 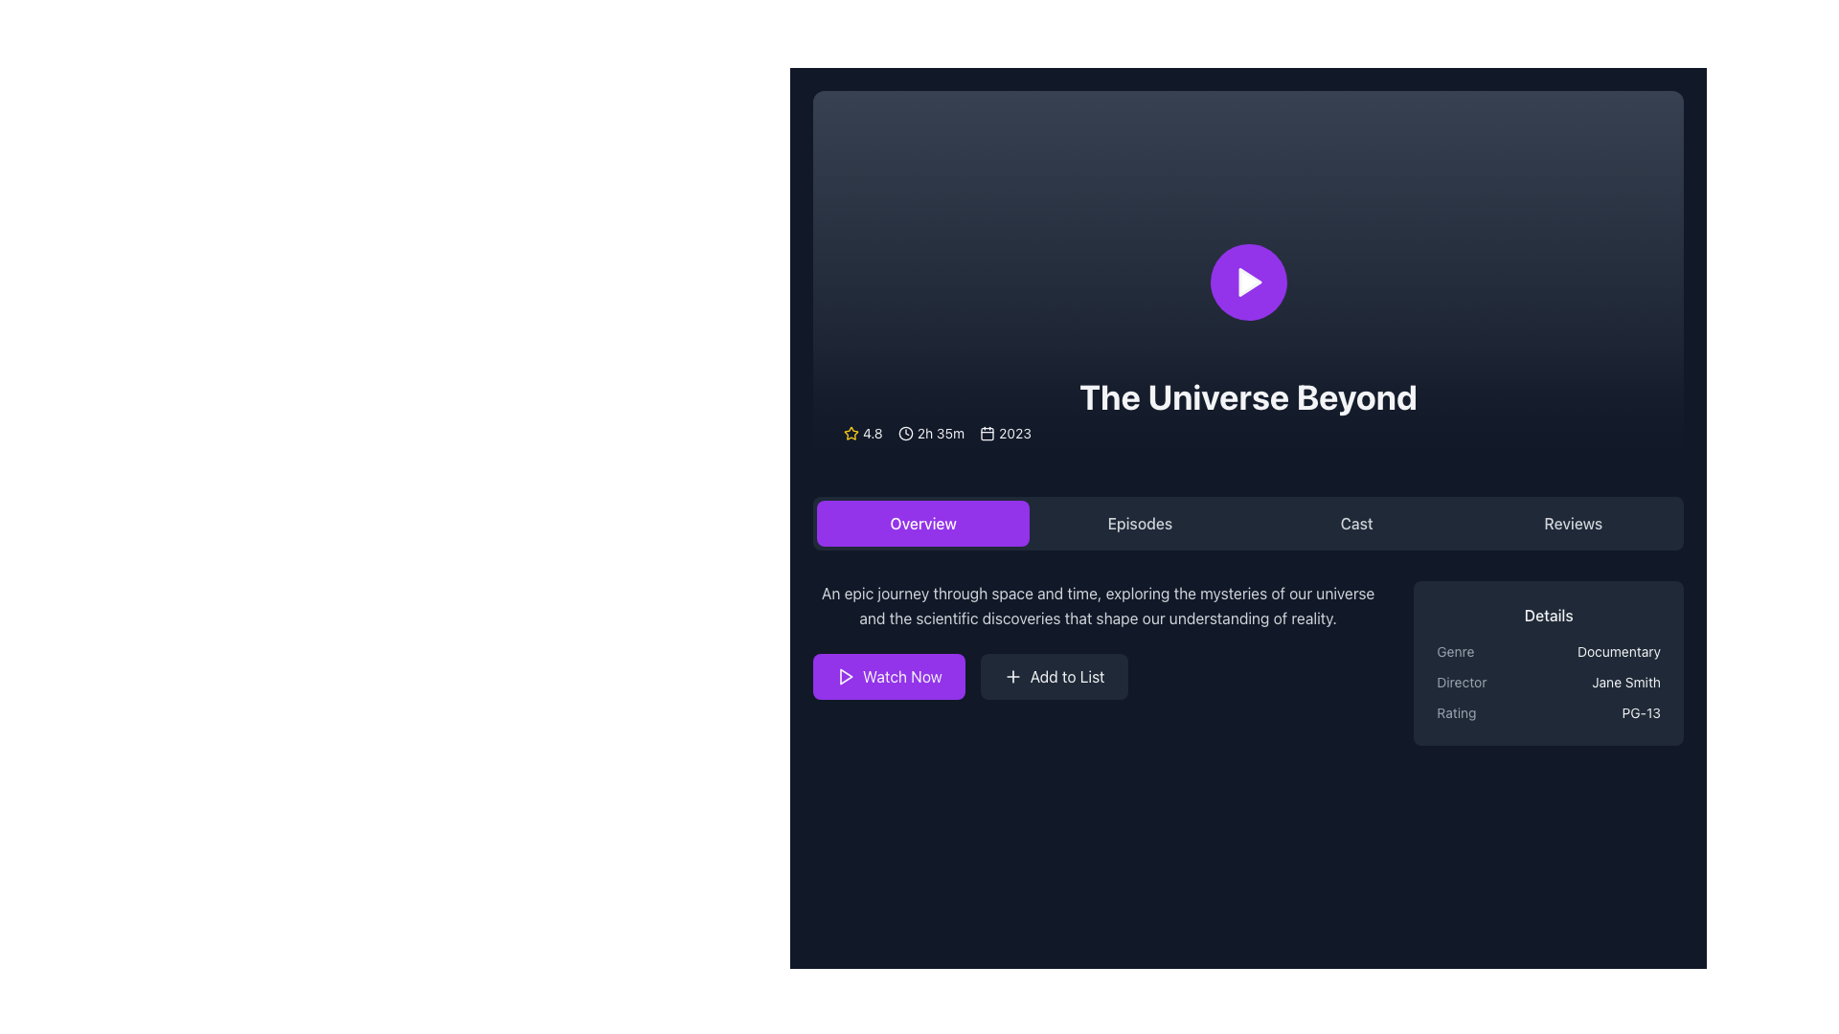 What do you see at coordinates (1456, 712) in the screenshot?
I see `the 'Rating' label, which is a textual element in light gray color on a dark background located in the 'Details' section, to the left of the rating value 'PG-13'` at bounding box center [1456, 712].